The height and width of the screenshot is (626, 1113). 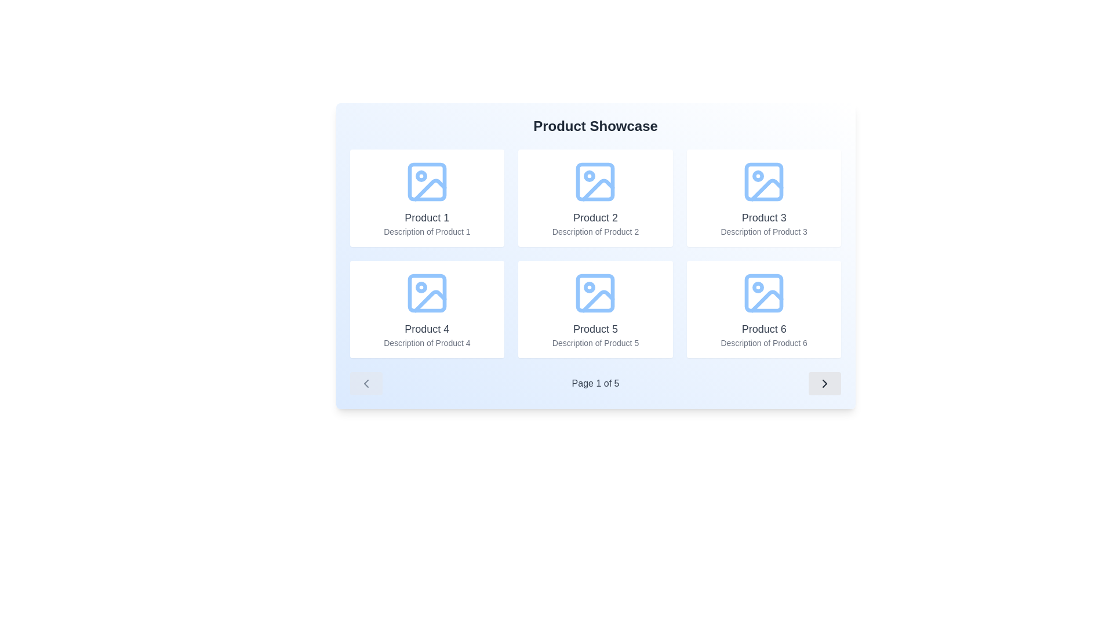 What do you see at coordinates (764, 342) in the screenshot?
I see `text content of the Text Label located at the bottom of the 'Product 6' card, which provides supplementary information about the product labeled 'Product 6'` at bounding box center [764, 342].